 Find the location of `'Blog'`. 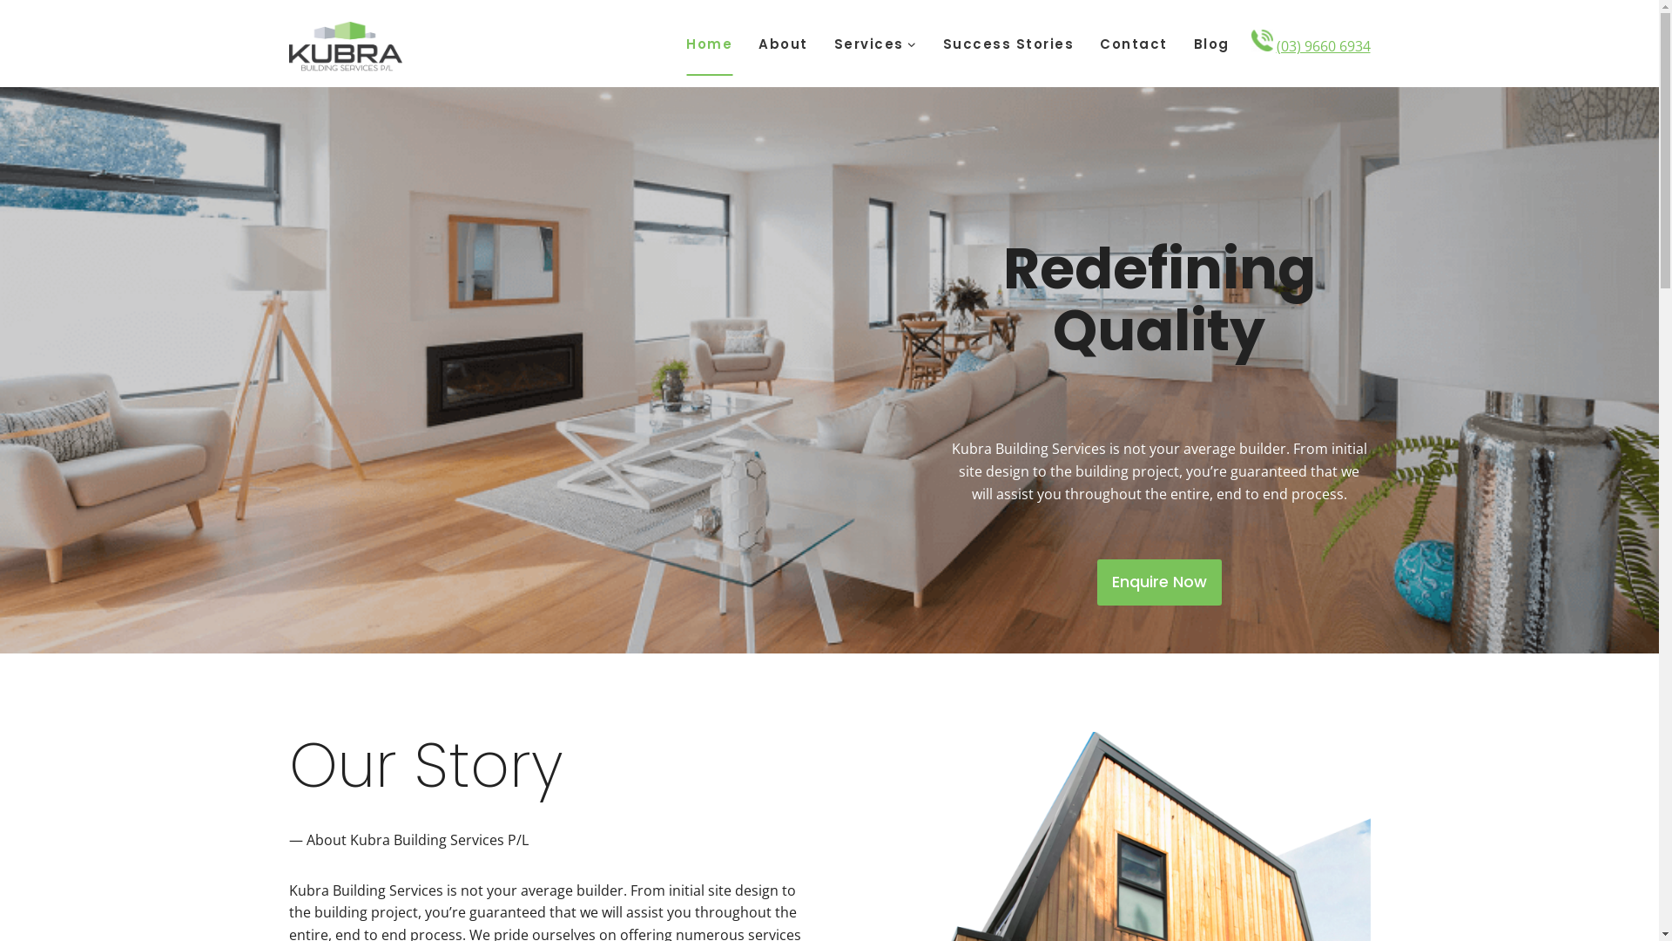

'Blog' is located at coordinates (1181, 43).